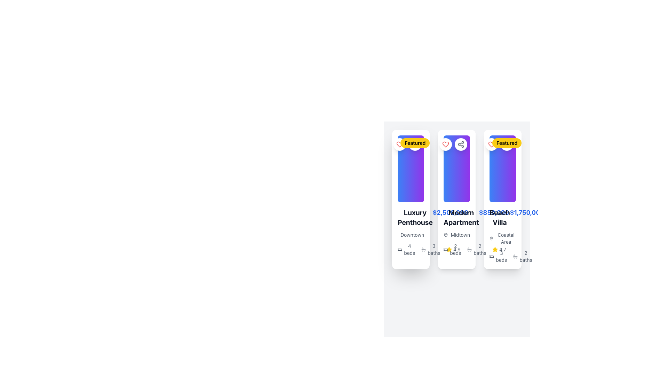  Describe the element at coordinates (527, 212) in the screenshot. I see `the text label displaying the amount '$1,750,000' in bold blue font, located at the top-right section of the 'Beach Villa' card` at that location.